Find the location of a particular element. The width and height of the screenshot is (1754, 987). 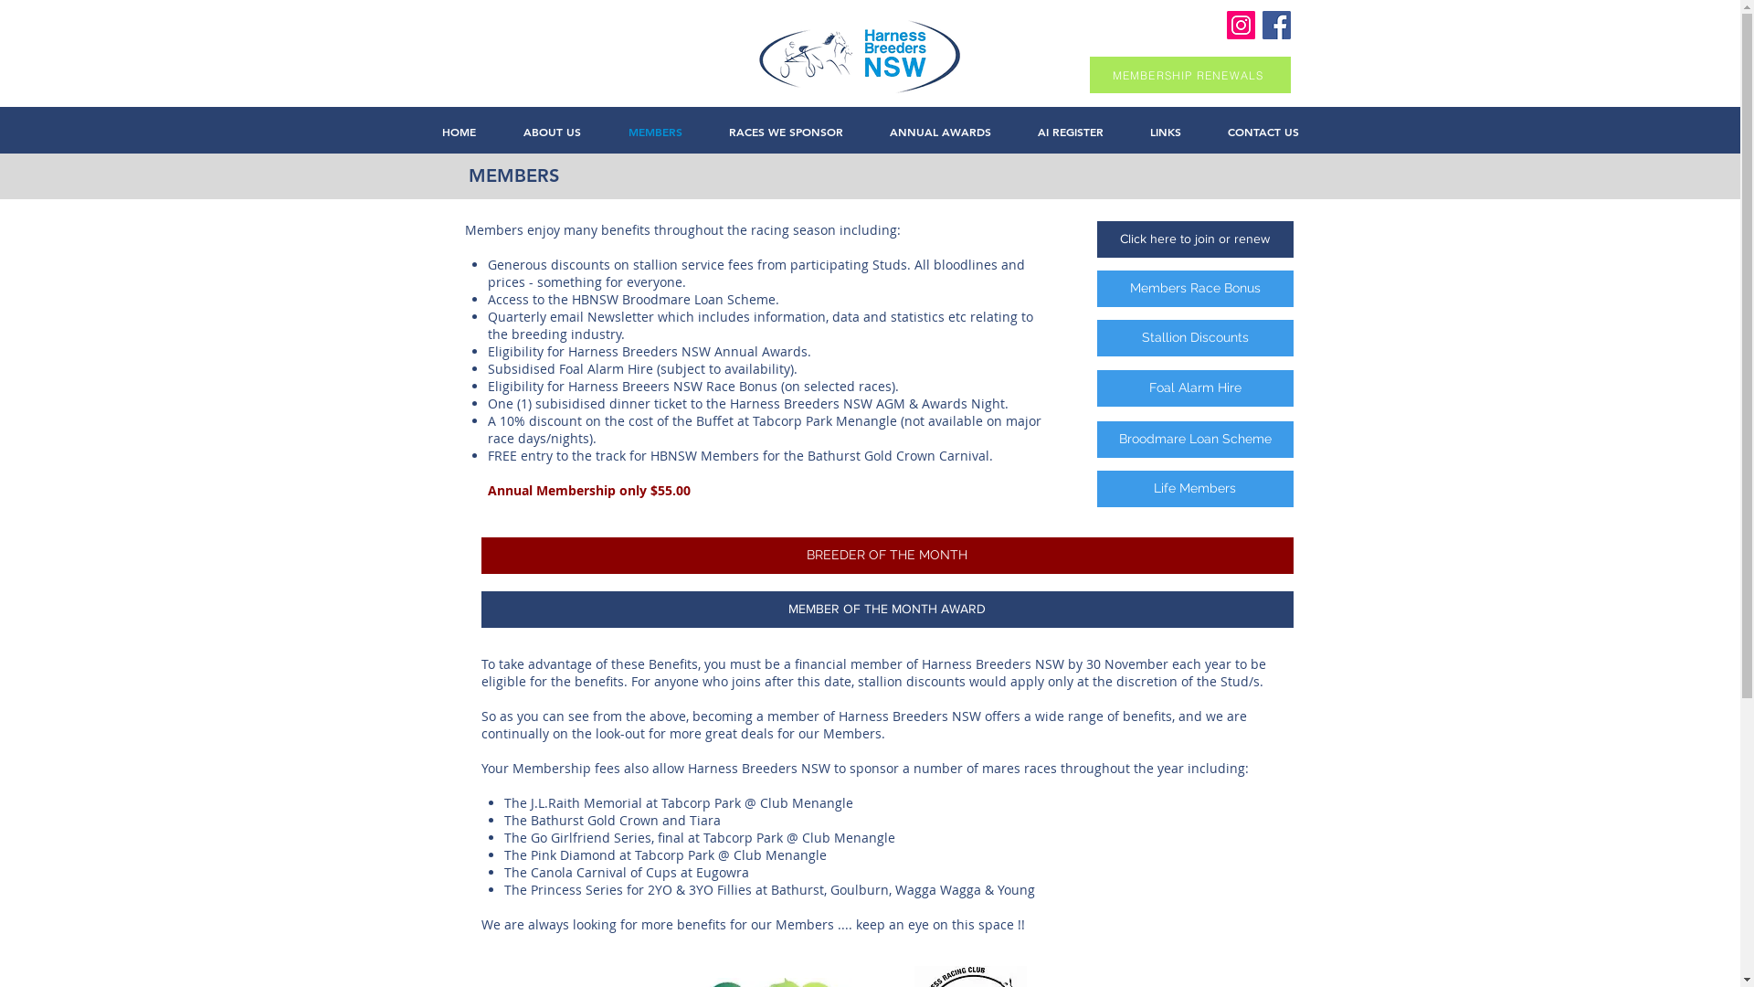

'CONTACT US' is located at coordinates (1262, 131).